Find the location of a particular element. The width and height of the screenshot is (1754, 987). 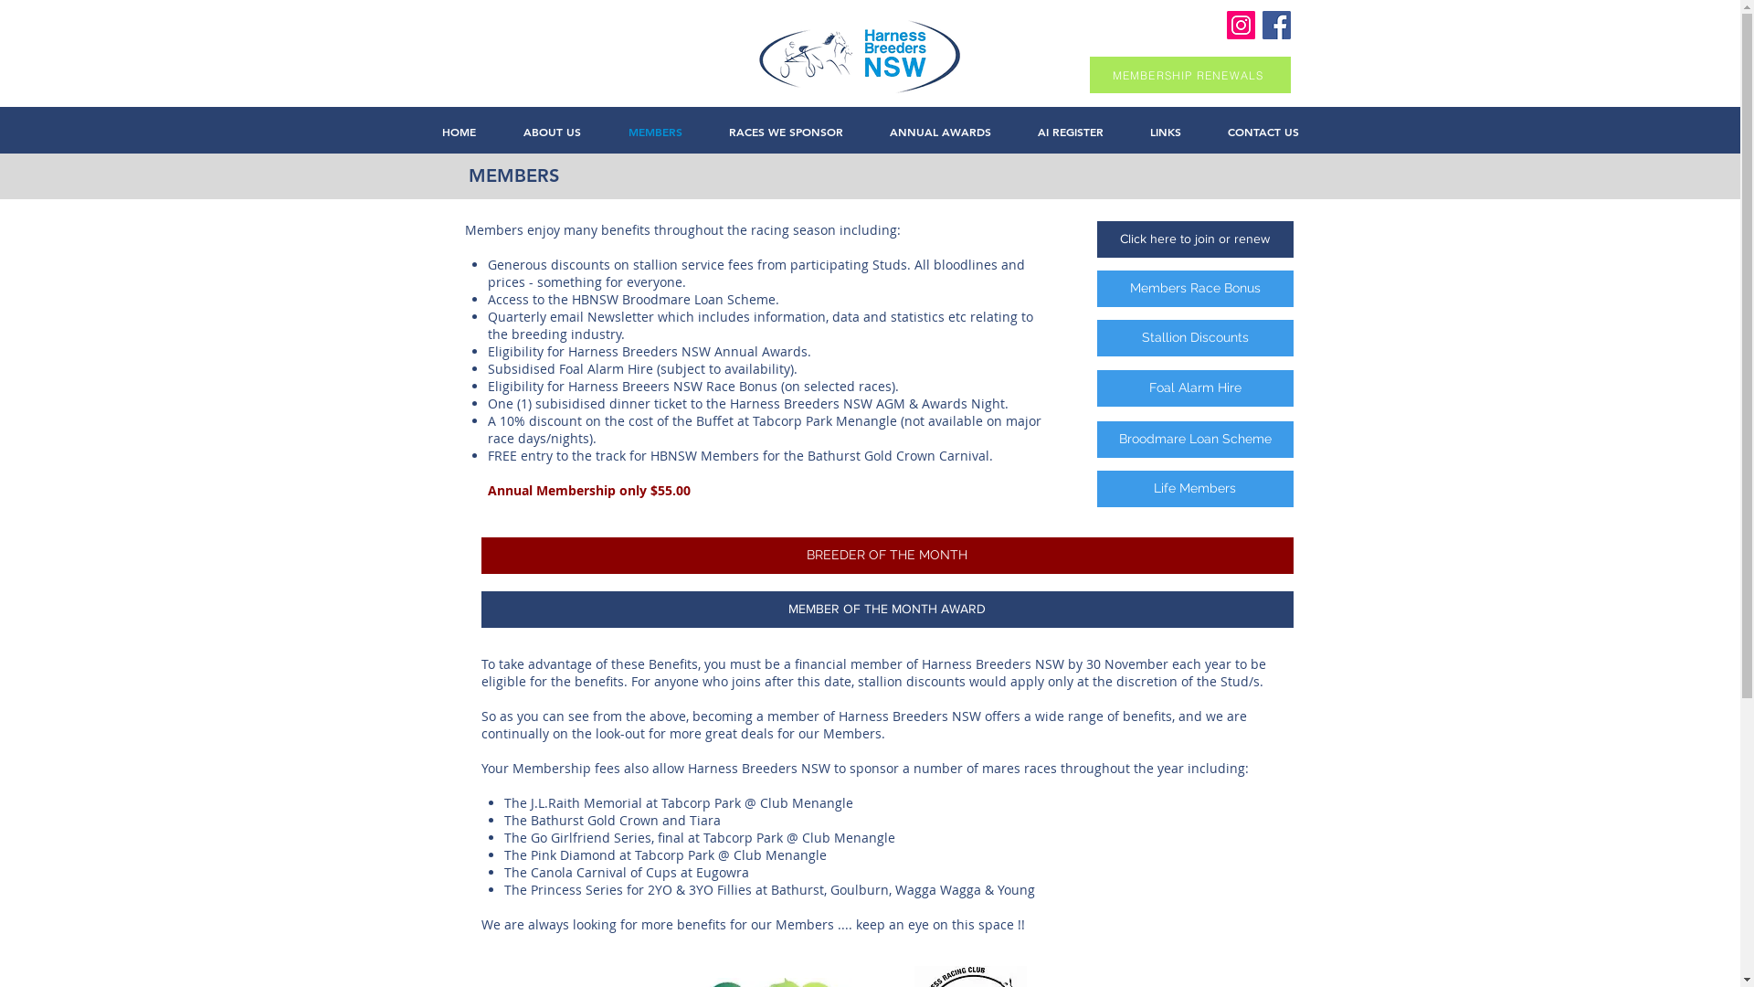

'CONTACT US' is located at coordinates (1262, 131).